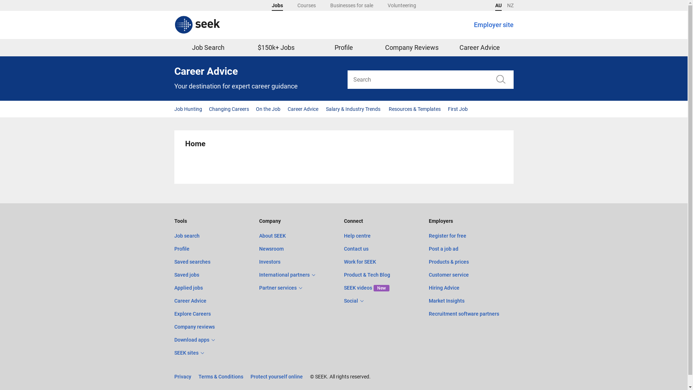 Image resolution: width=693 pixels, height=390 pixels. Describe the element at coordinates (186, 274) in the screenshot. I see `'Saved jobs'` at that location.